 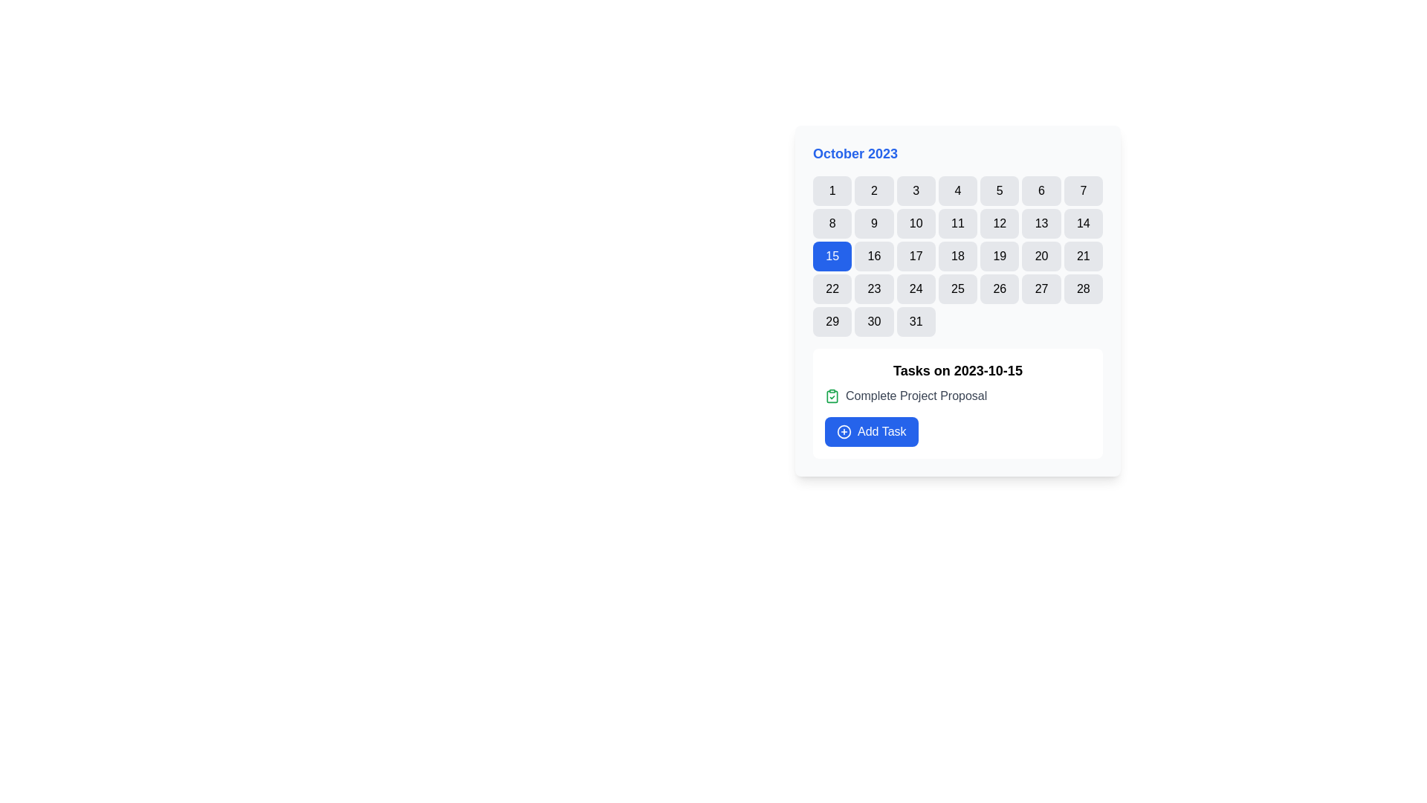 I want to click on the central circular component of the 'Add Task' button, which has a light-colored stroke and transparent fill, located below the date label 'Tasks on 2023-10-15.', so click(x=844, y=432).